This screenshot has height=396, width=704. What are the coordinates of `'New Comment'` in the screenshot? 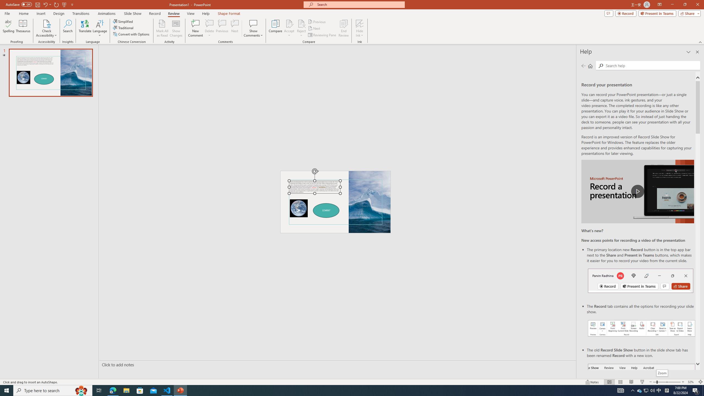 It's located at (195, 28).